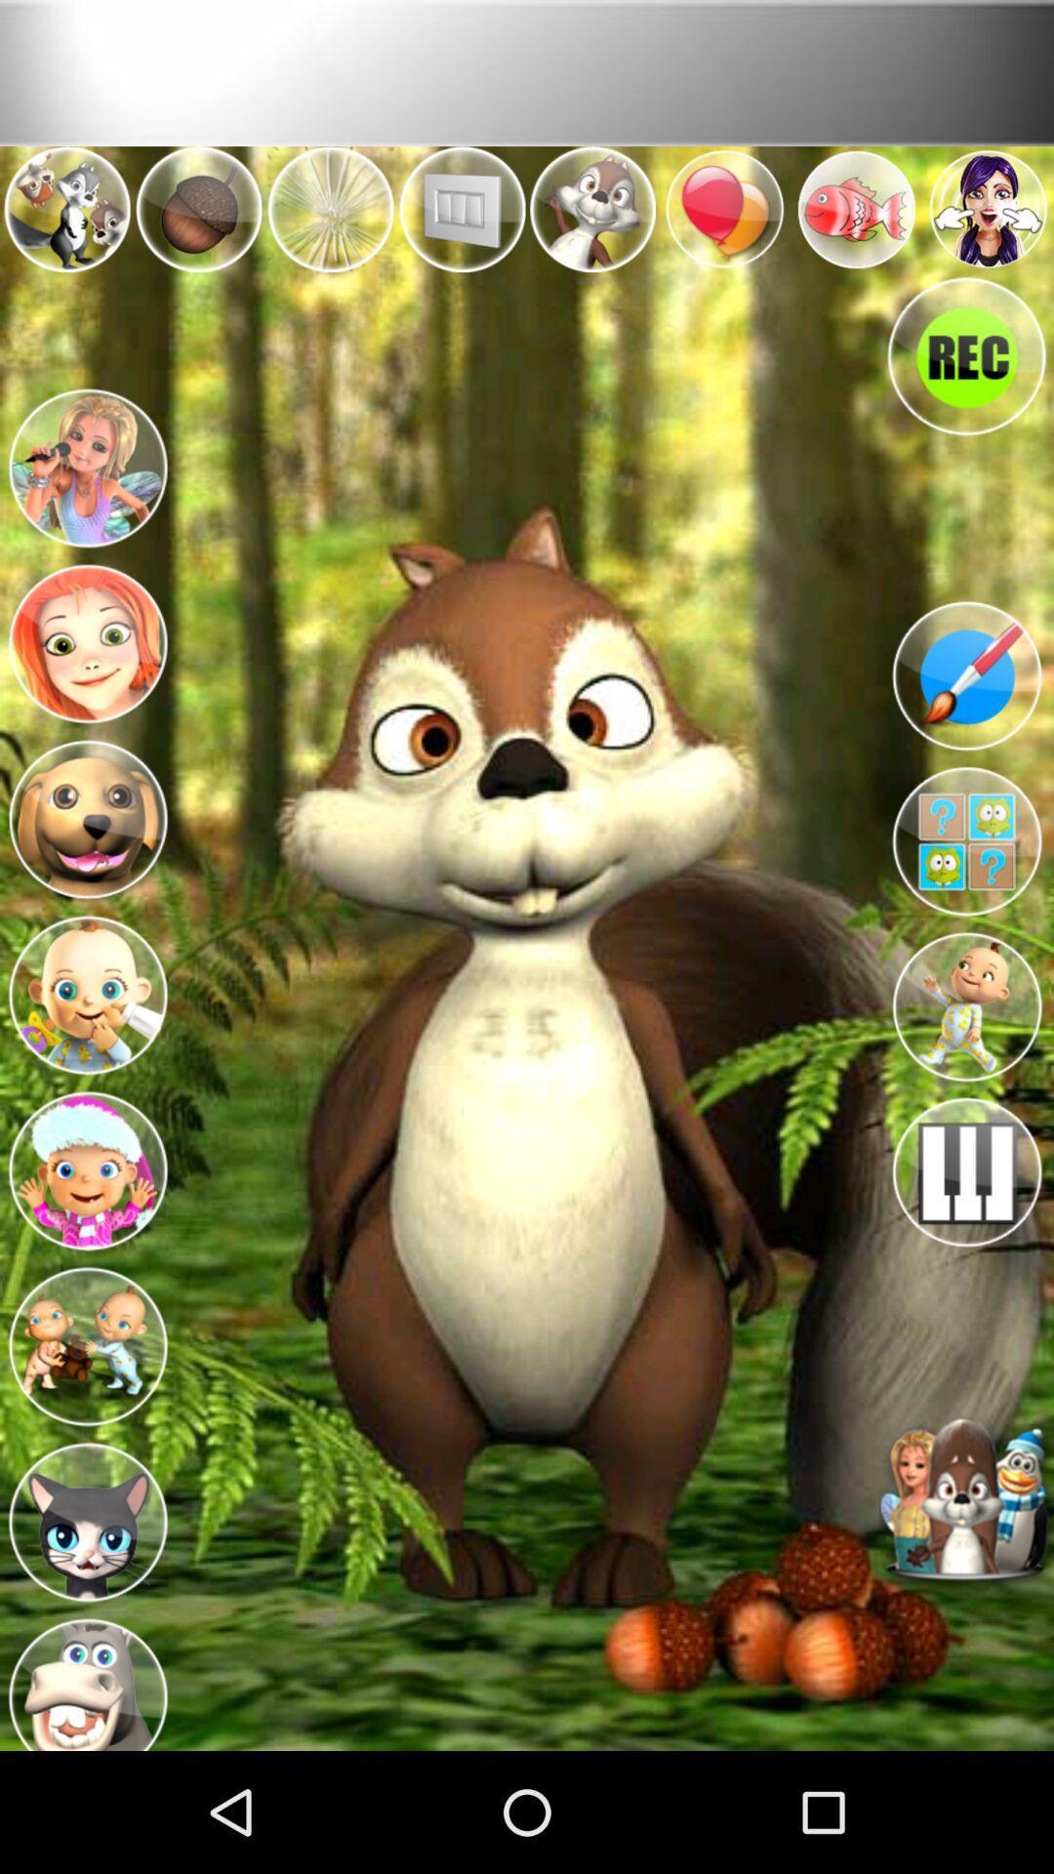 The height and width of the screenshot is (1874, 1054). I want to click on choose a different character, so click(966, 1502).